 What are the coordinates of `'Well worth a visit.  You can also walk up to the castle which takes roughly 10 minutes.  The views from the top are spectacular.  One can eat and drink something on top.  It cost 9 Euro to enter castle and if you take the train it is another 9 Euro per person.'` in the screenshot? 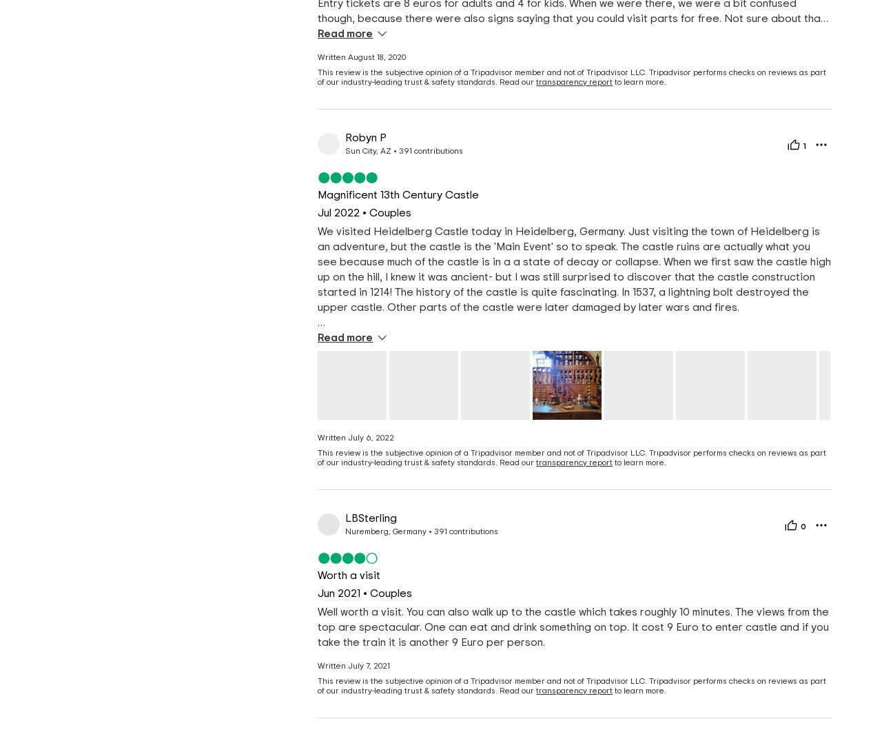 It's located at (317, 626).